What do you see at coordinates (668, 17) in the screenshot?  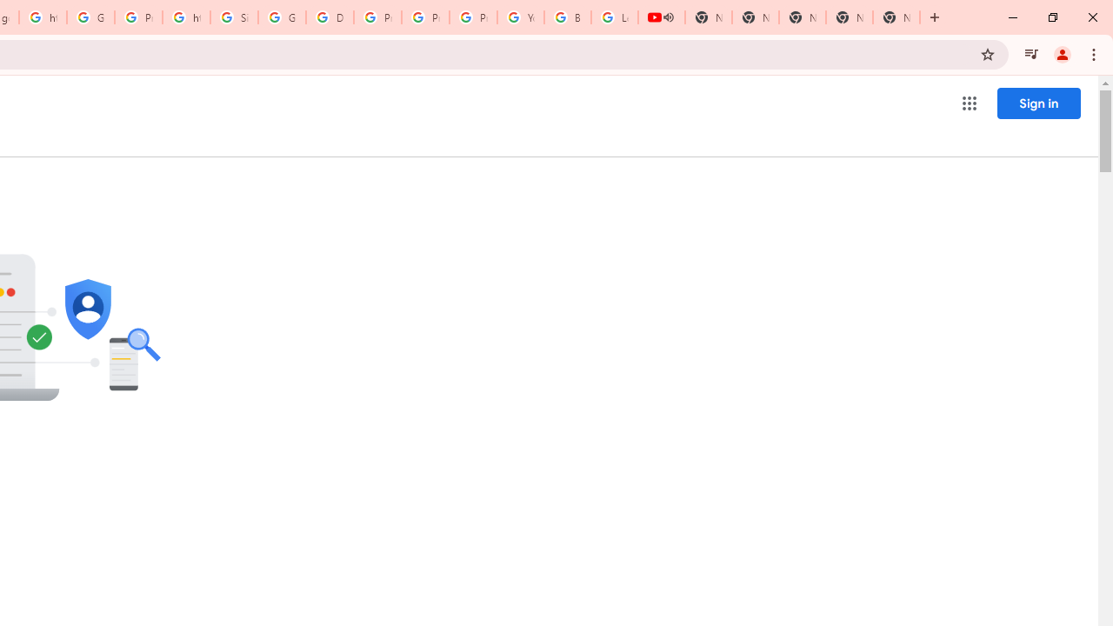 I see `'Mute tab'` at bounding box center [668, 17].